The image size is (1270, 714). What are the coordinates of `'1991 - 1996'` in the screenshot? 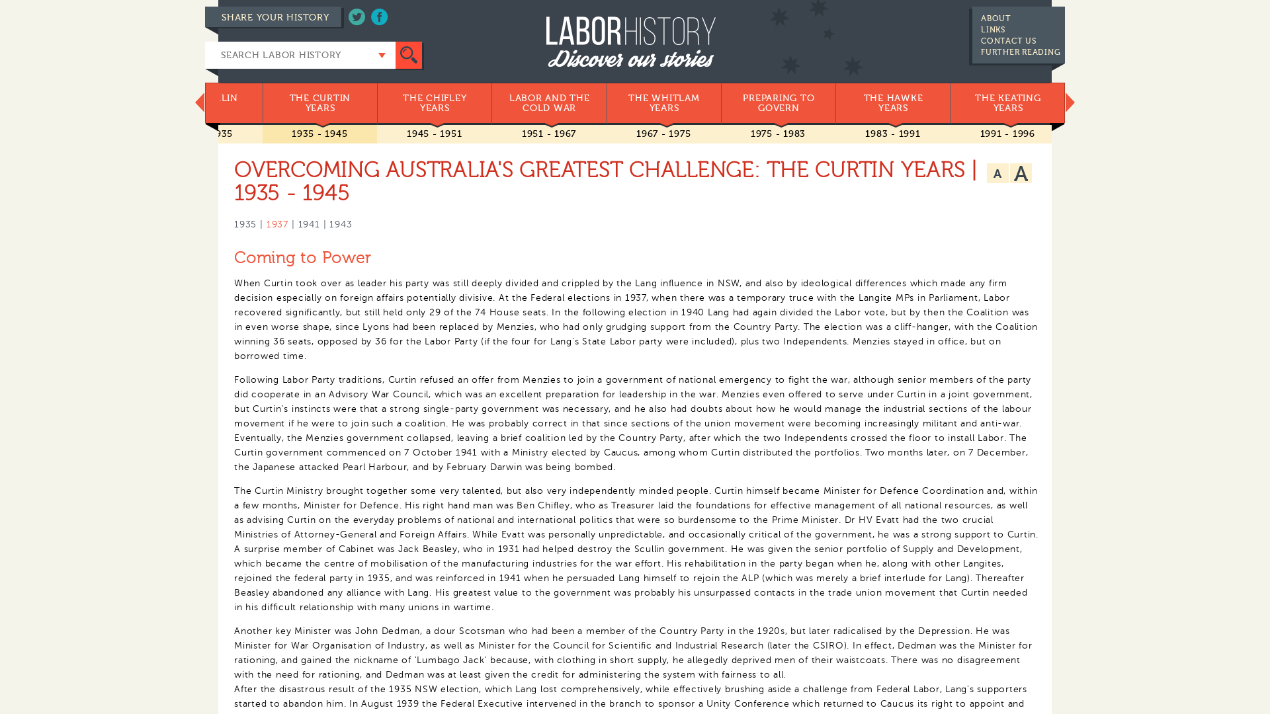 It's located at (1007, 134).